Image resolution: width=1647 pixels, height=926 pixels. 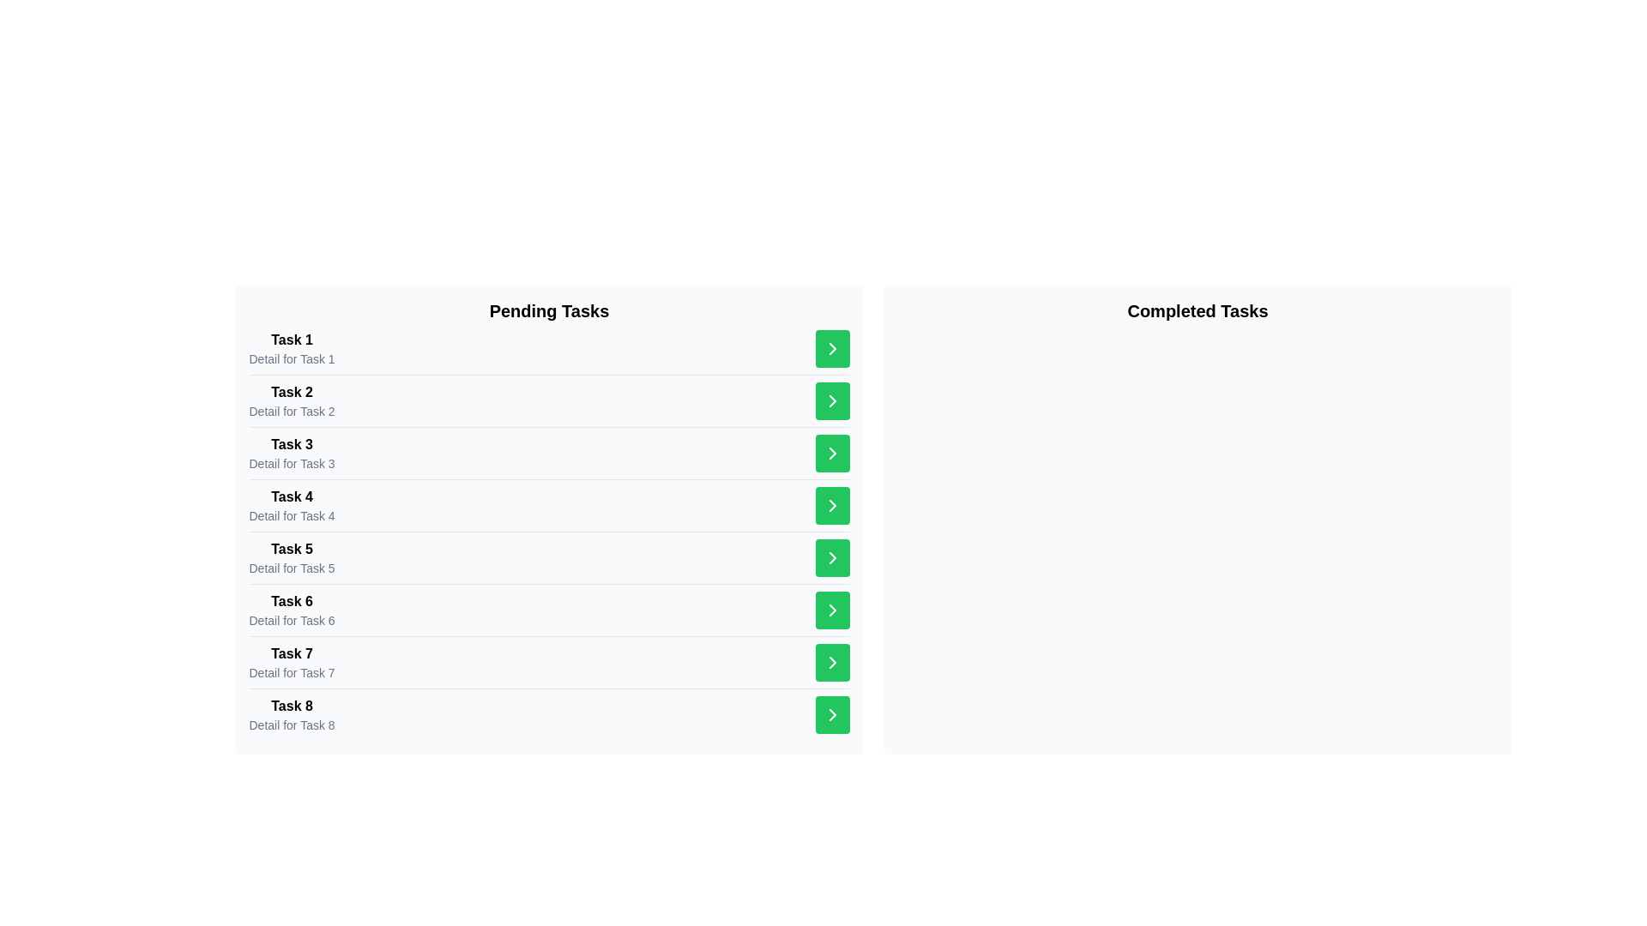 What do you see at coordinates (292, 444) in the screenshot?
I see `the text label displaying 'Task 3' within the 'Pending Tasks' section, which is bold and prominently sized` at bounding box center [292, 444].